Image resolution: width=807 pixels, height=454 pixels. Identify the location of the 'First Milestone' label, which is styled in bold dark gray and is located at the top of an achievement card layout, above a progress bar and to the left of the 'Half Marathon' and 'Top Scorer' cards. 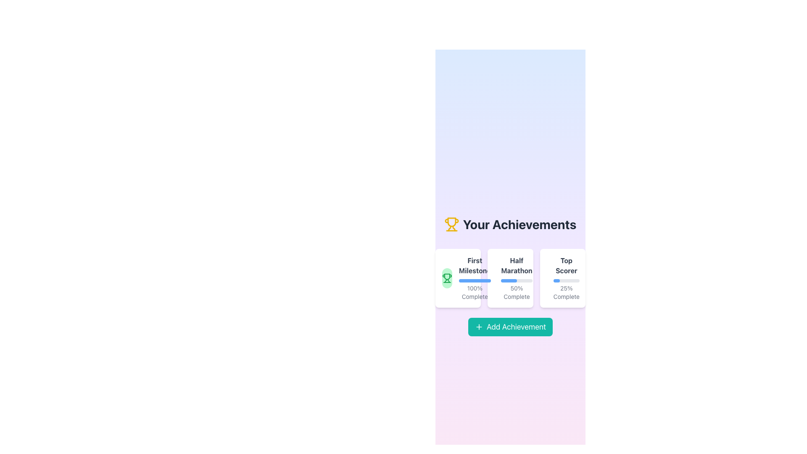
(475, 266).